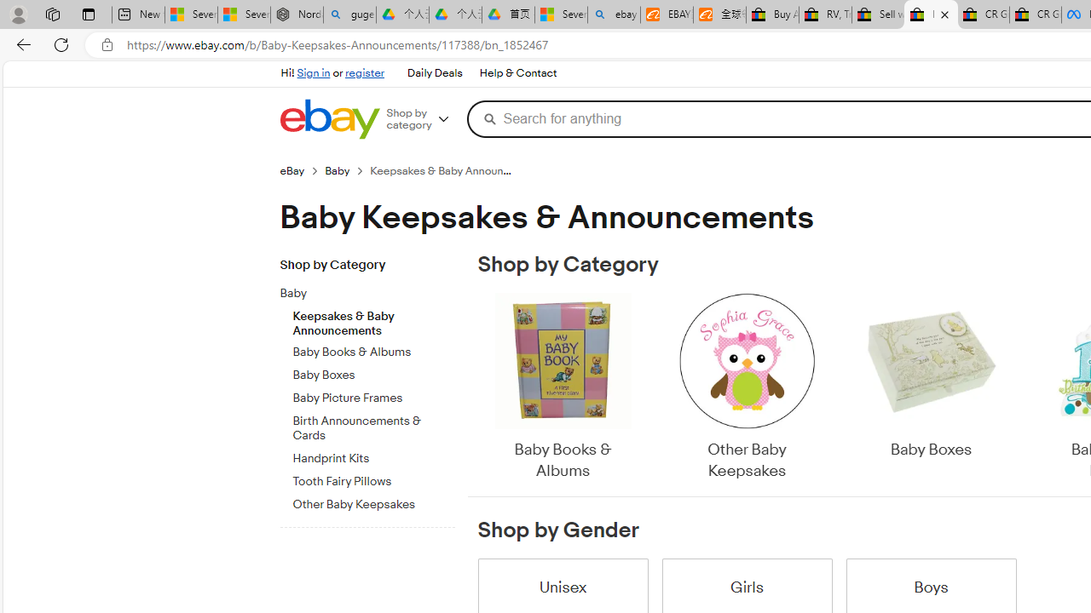 Image resolution: width=1091 pixels, height=613 pixels. I want to click on 'Help & Contact', so click(517, 73).